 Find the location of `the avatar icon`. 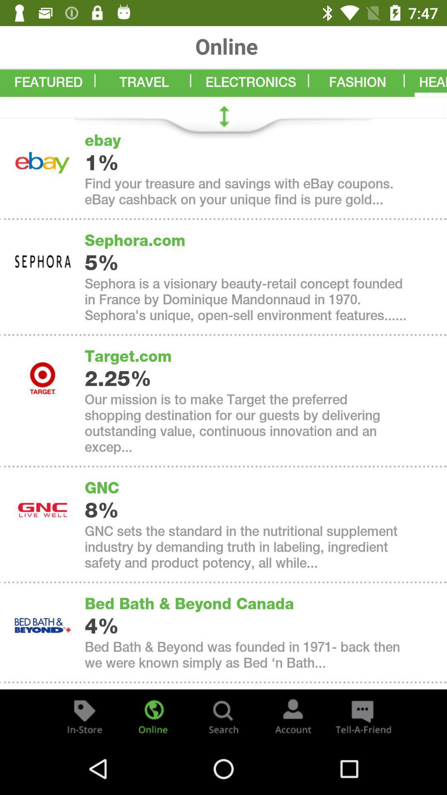

the avatar icon is located at coordinates (293, 715).